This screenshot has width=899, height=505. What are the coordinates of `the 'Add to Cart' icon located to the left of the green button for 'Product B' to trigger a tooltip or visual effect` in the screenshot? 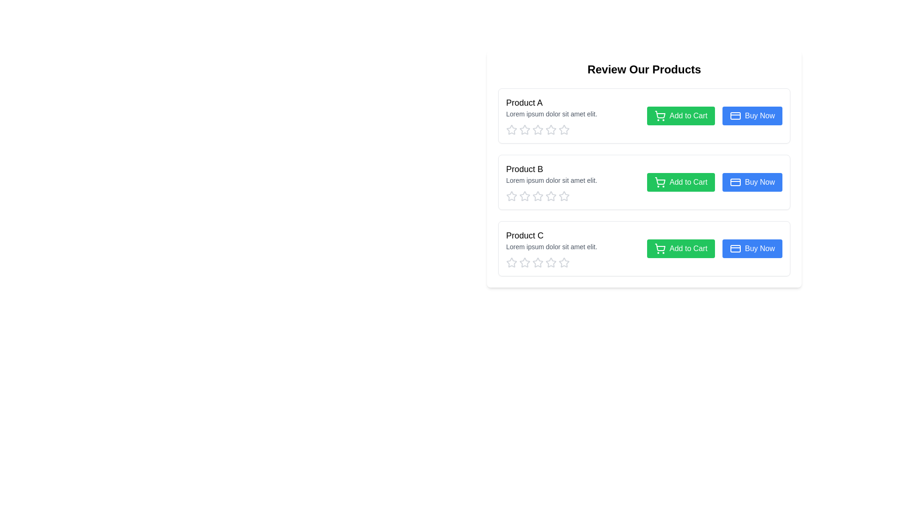 It's located at (660, 182).